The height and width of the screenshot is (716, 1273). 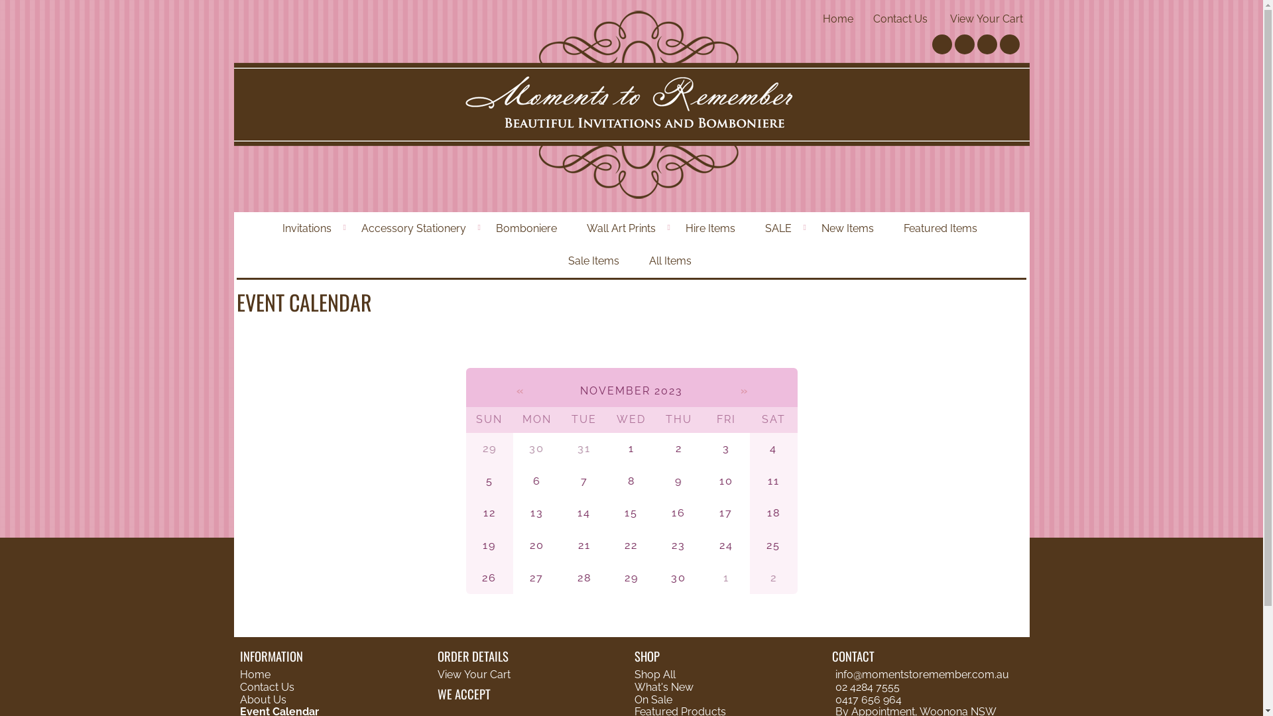 What do you see at coordinates (267, 686) in the screenshot?
I see `'Contact Us'` at bounding box center [267, 686].